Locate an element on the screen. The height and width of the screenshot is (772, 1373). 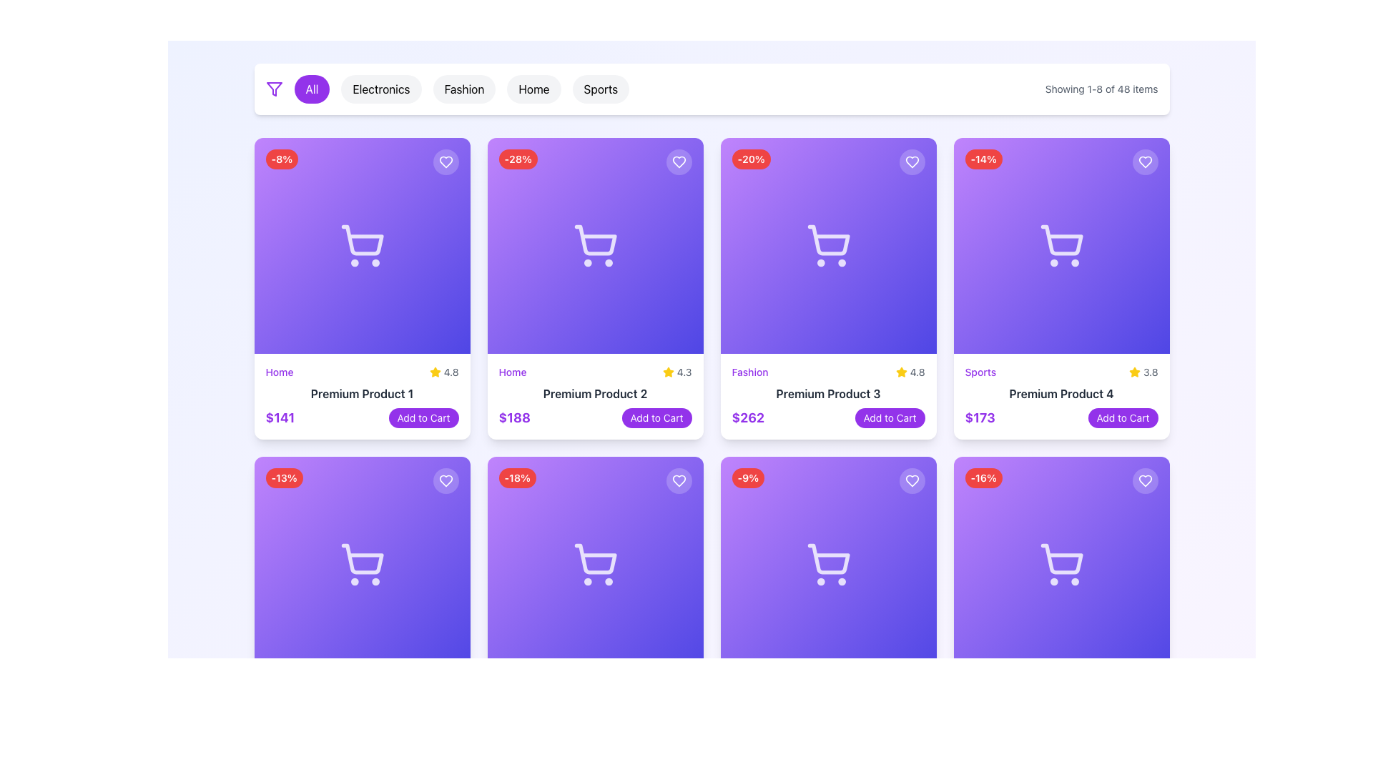
the heart icon located at the bottom-right corner of the product card to mark the item as favorite is located at coordinates (1145, 480).